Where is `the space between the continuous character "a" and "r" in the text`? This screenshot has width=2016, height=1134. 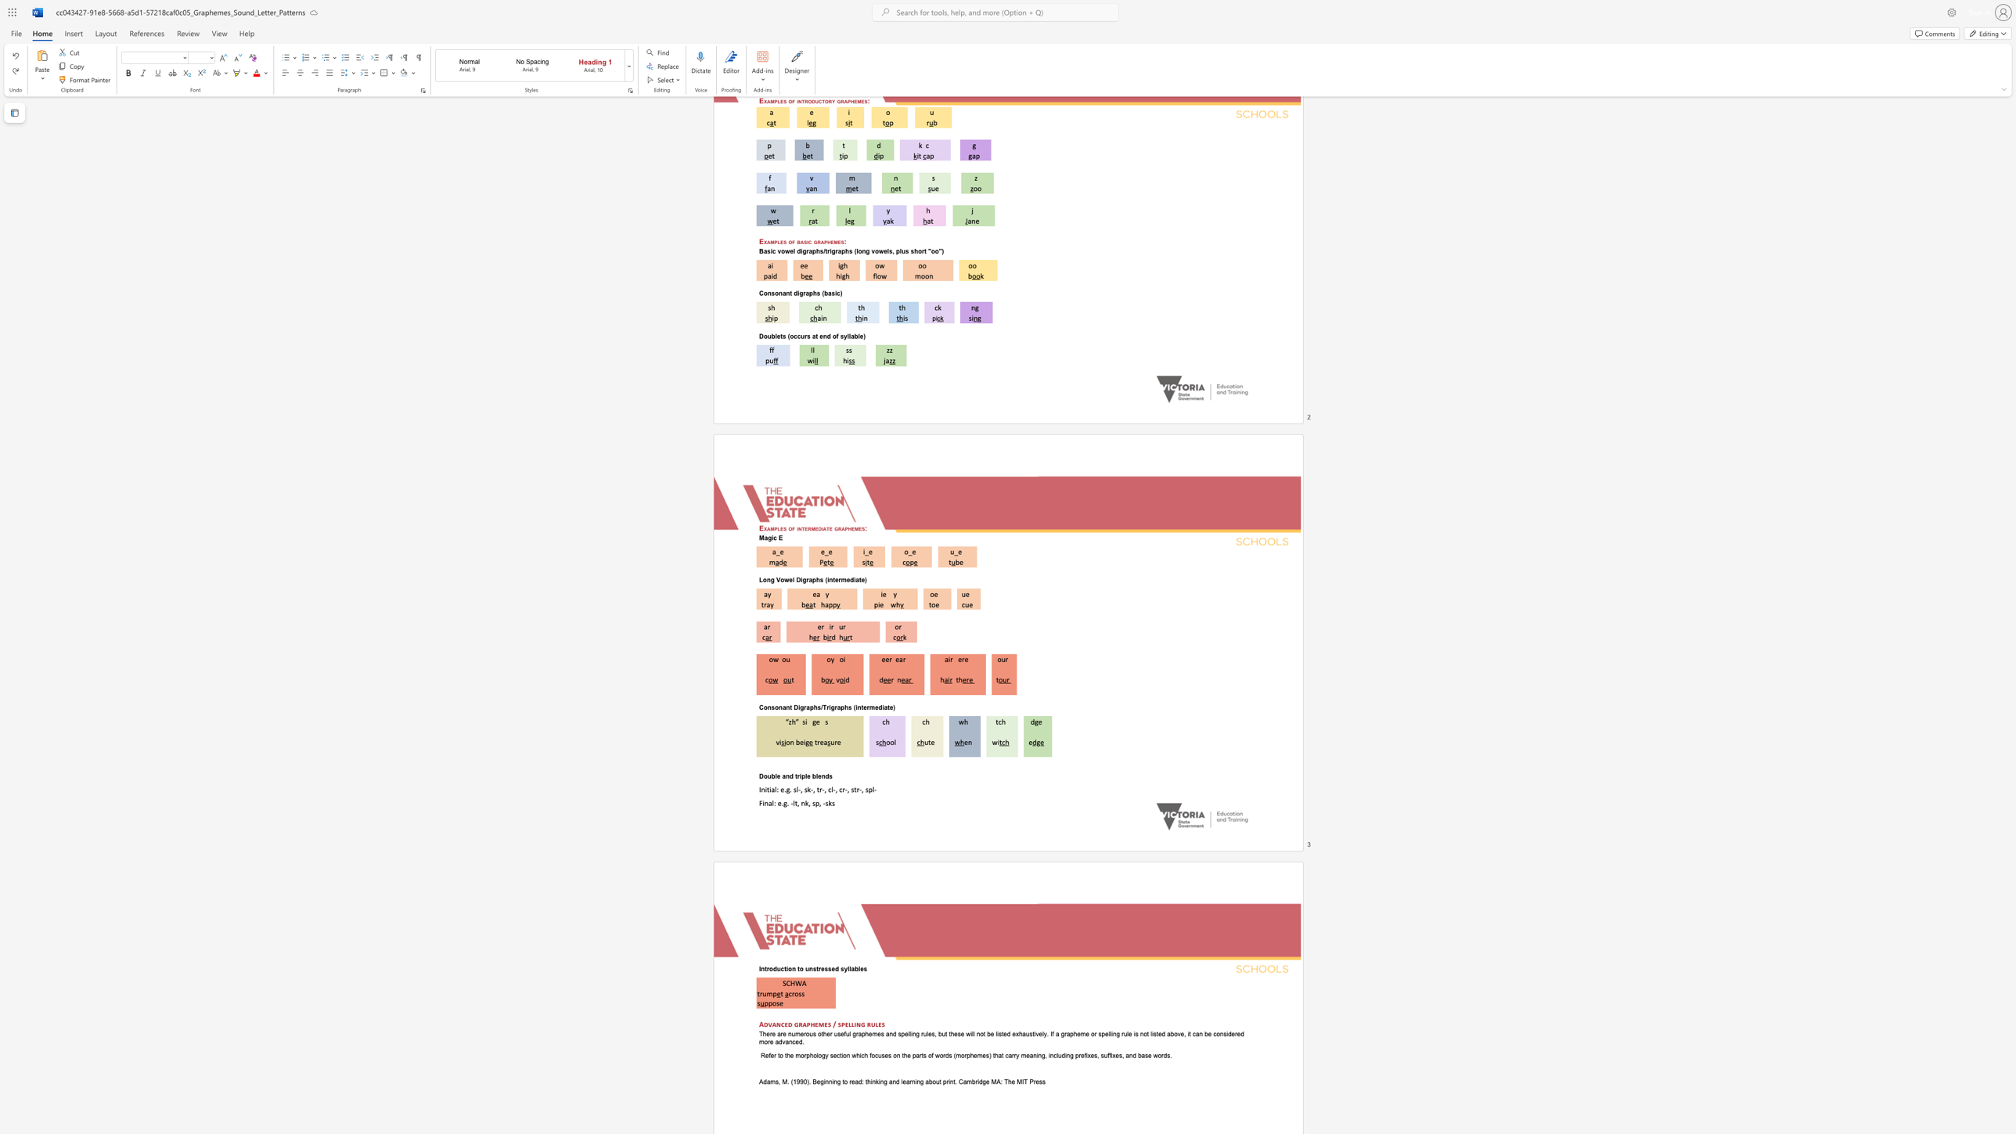
the space between the continuous character "a" and "r" in the text is located at coordinates (902, 659).